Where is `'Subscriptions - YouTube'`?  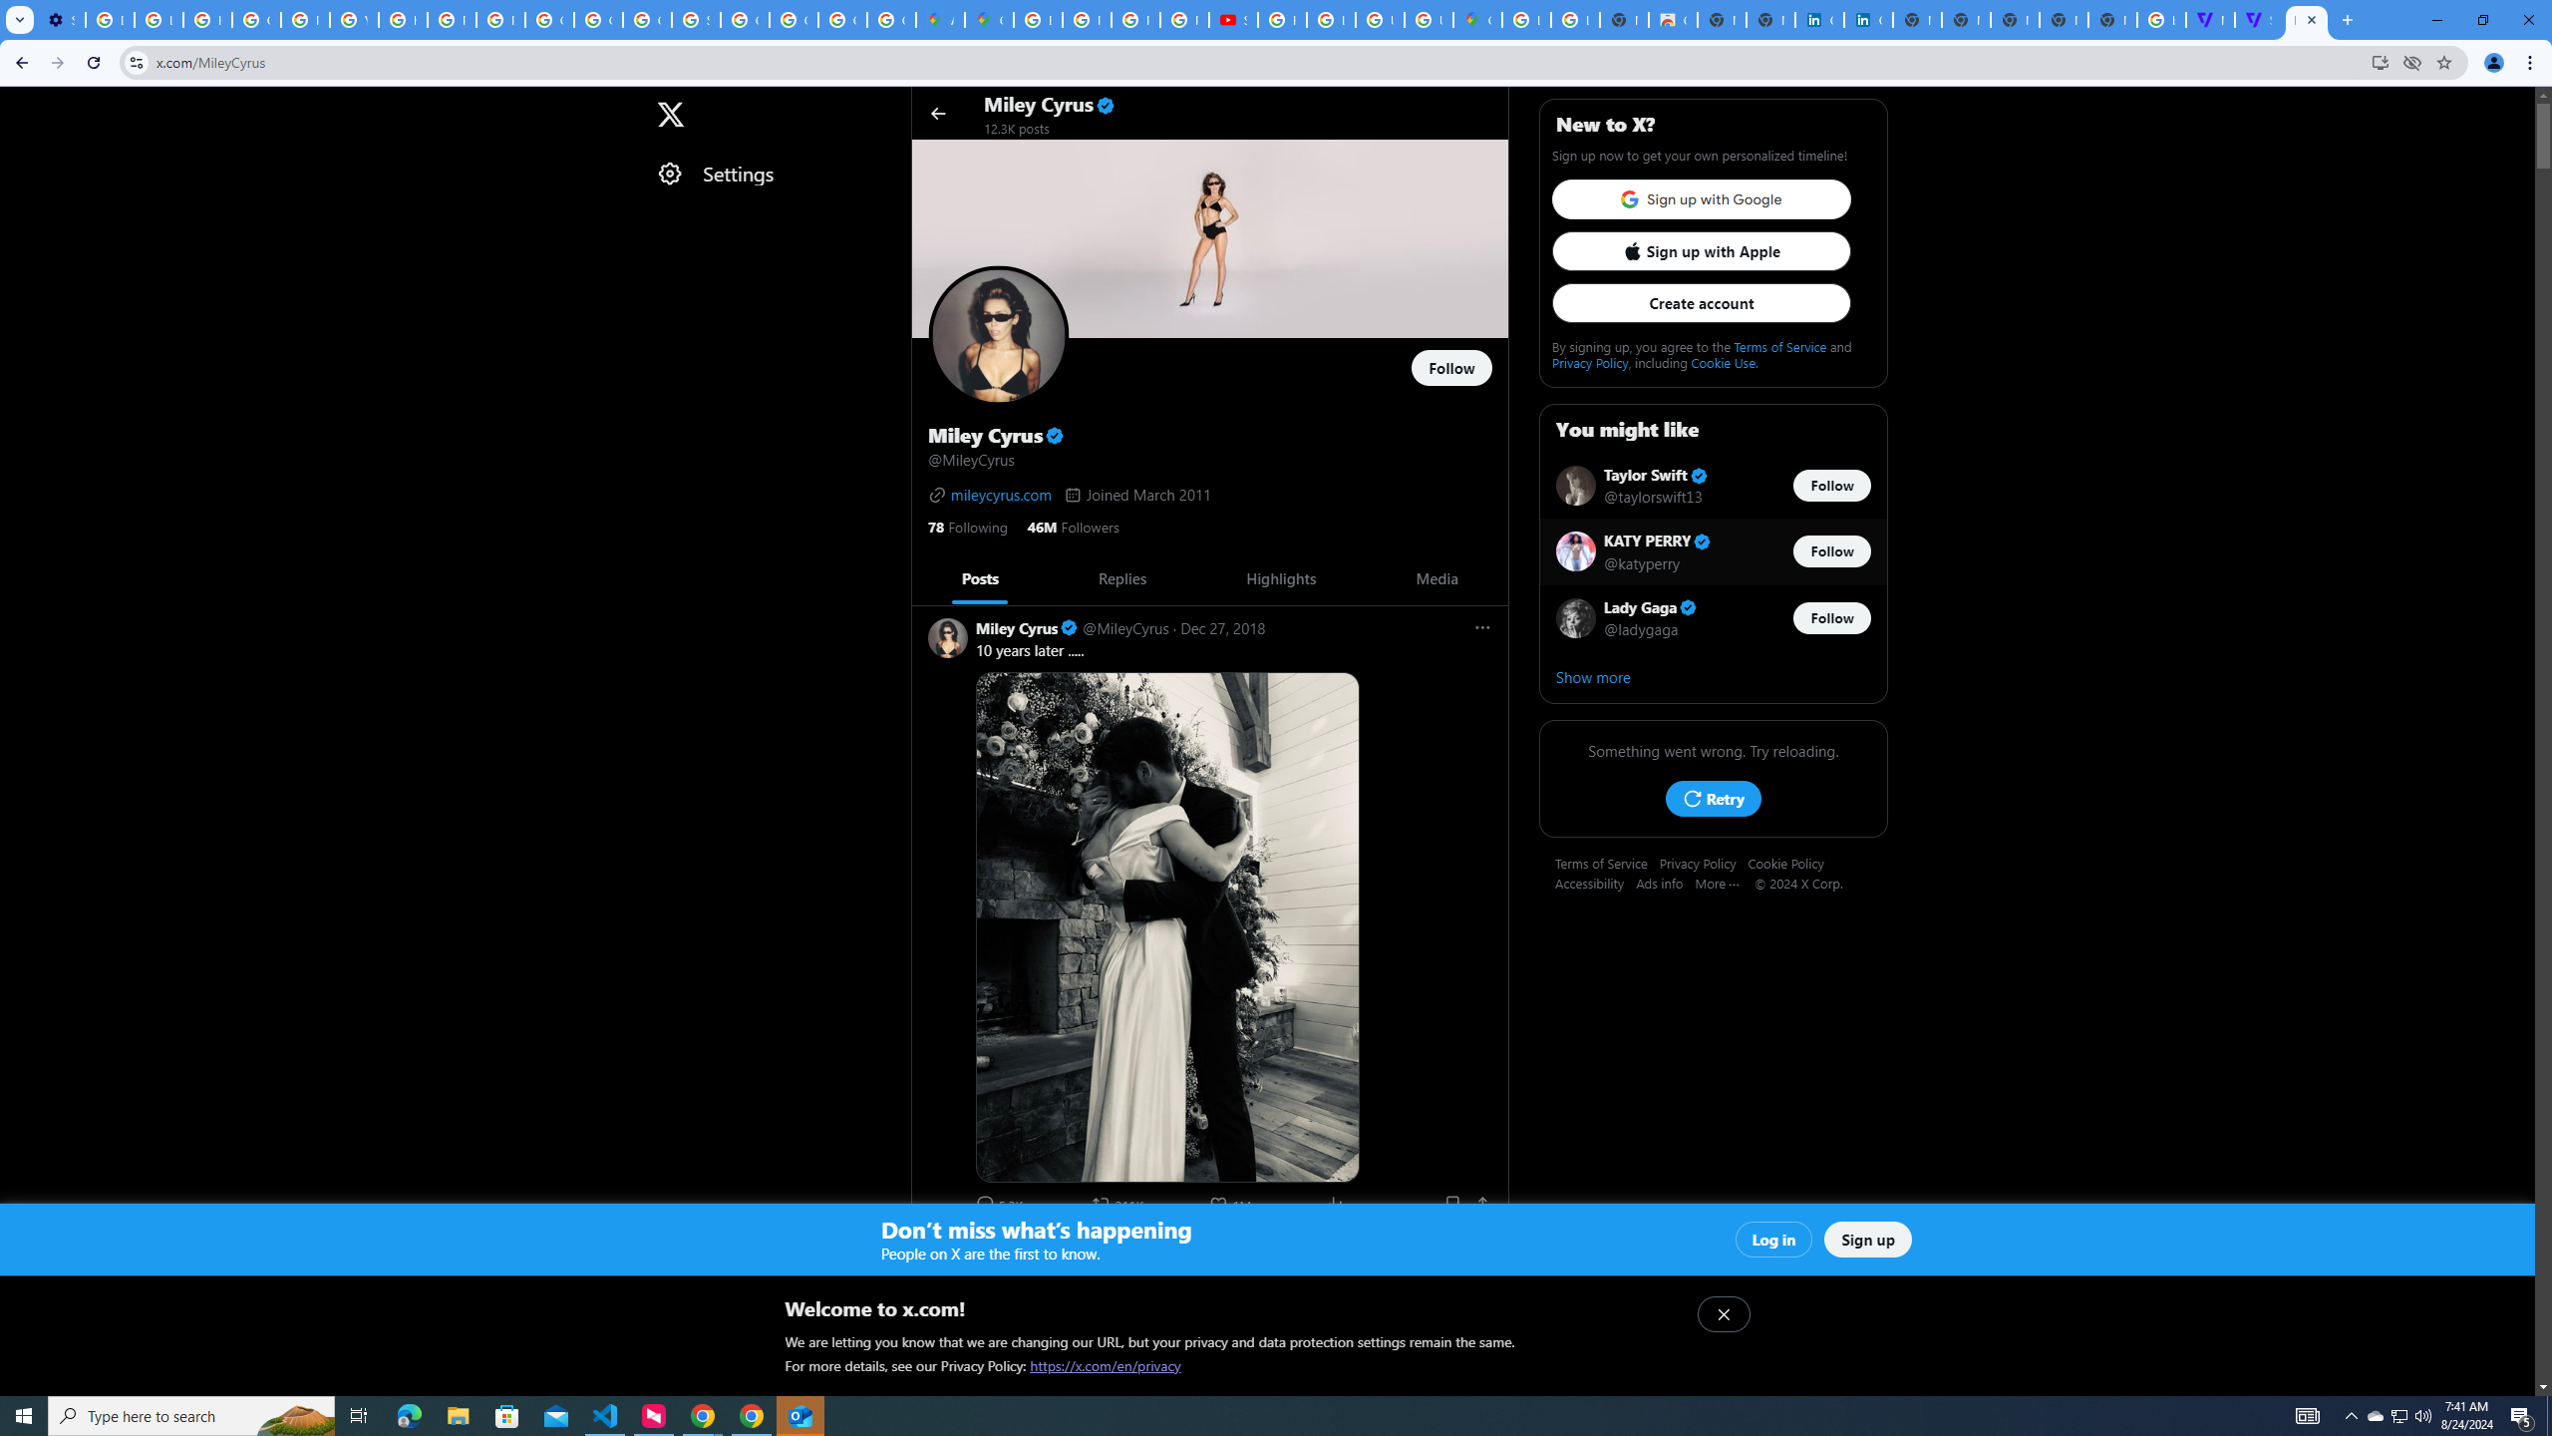
'Subscriptions - YouTube' is located at coordinates (1231, 19).